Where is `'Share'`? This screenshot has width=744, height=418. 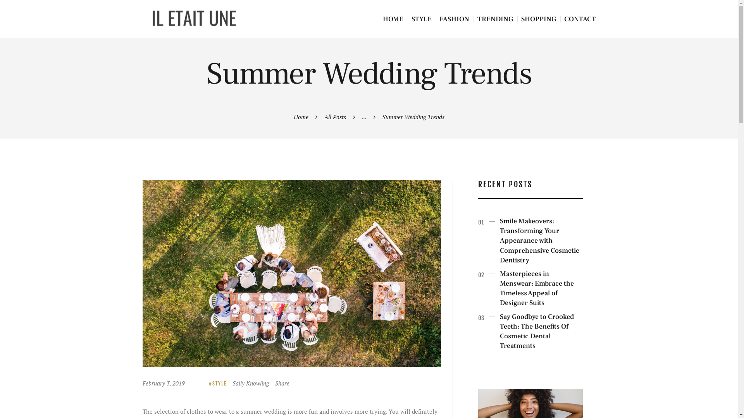
'Share' is located at coordinates (282, 383).